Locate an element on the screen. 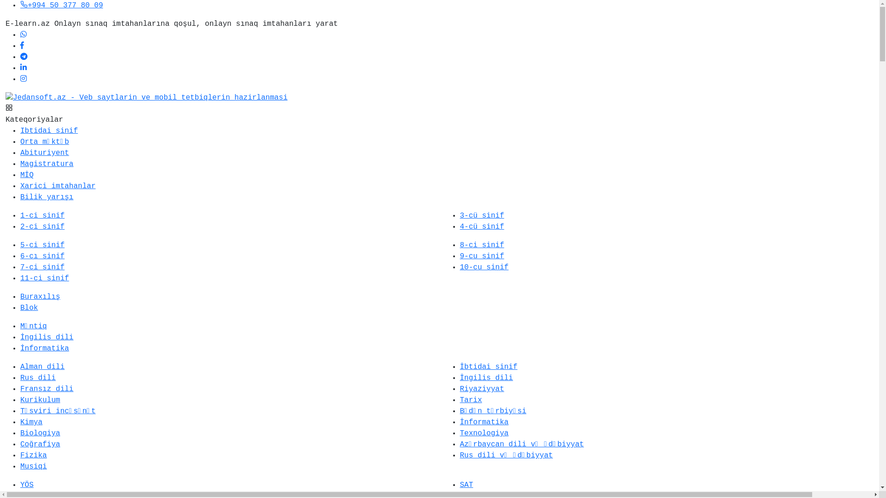 The width and height of the screenshot is (886, 498). 'Fizika' is located at coordinates (33, 455).